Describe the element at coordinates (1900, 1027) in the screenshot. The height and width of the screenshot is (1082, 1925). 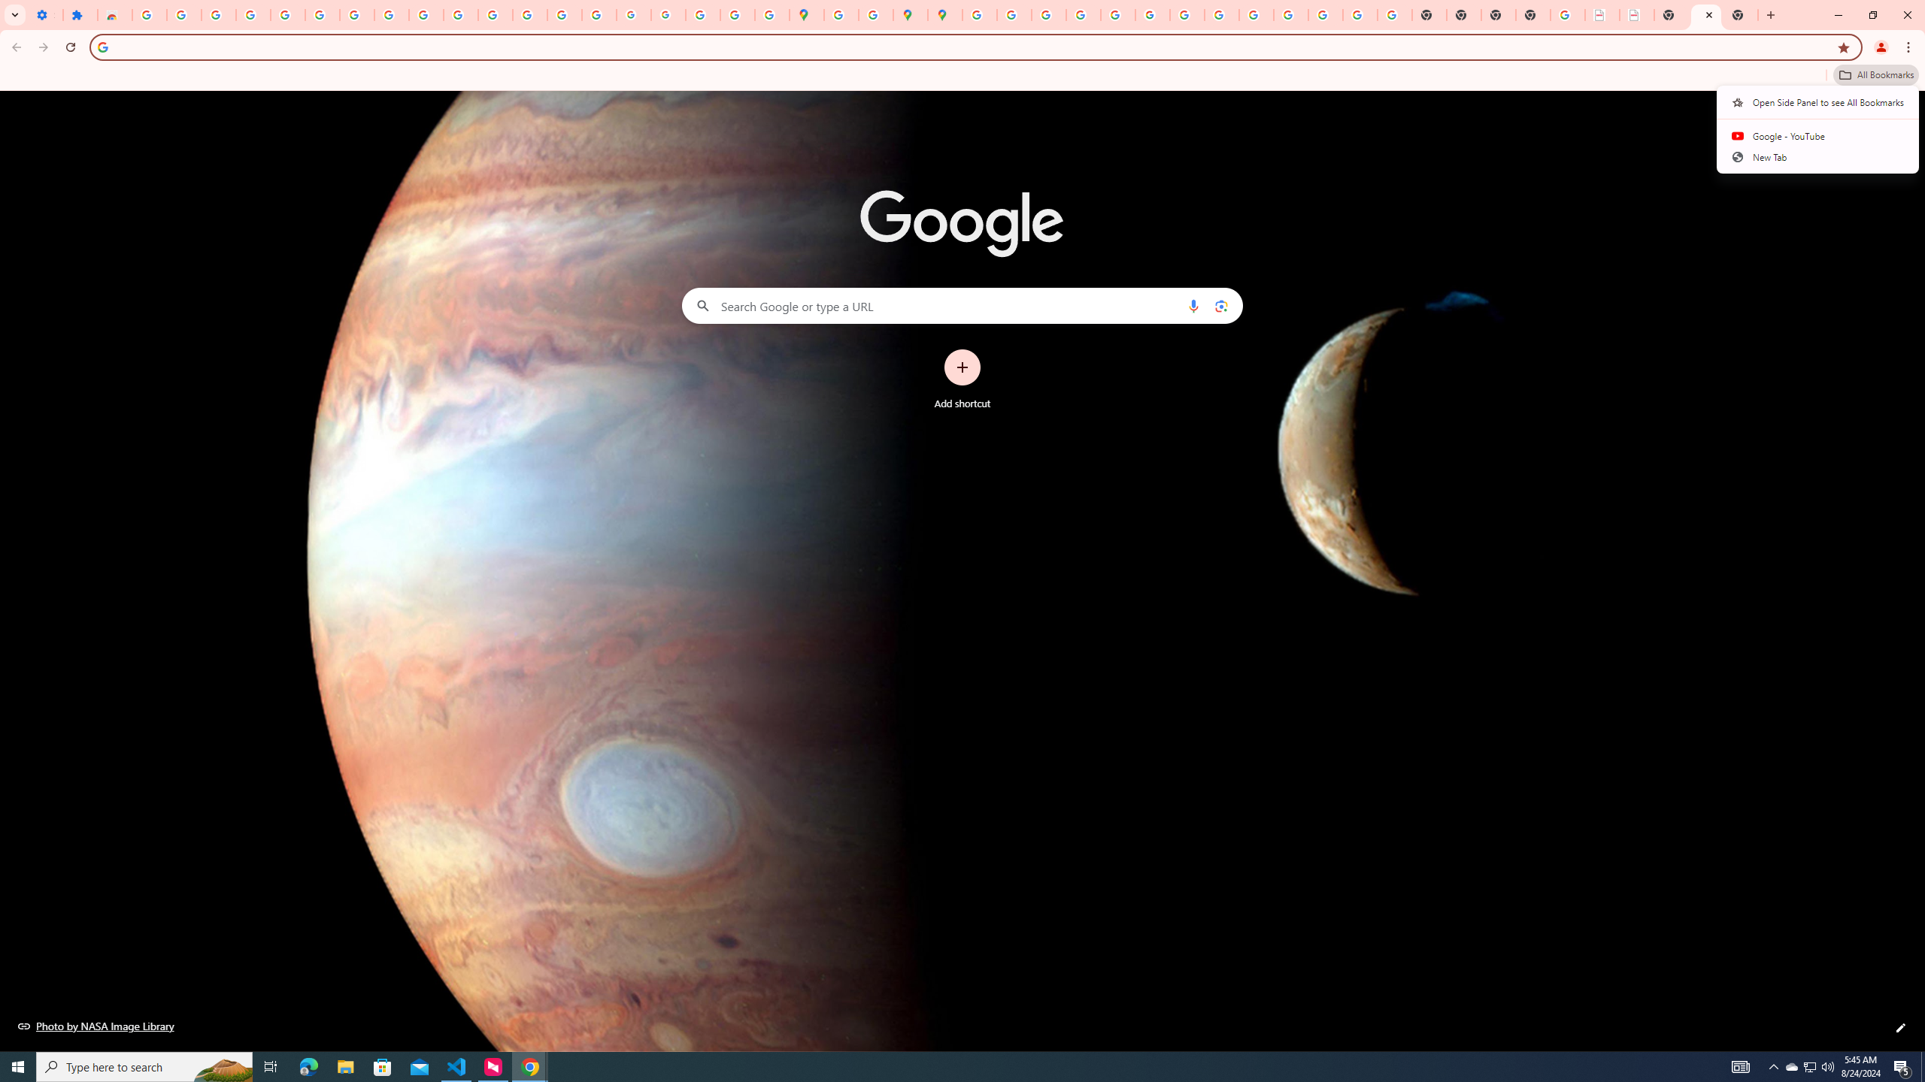
I see `'Customize this page'` at that location.